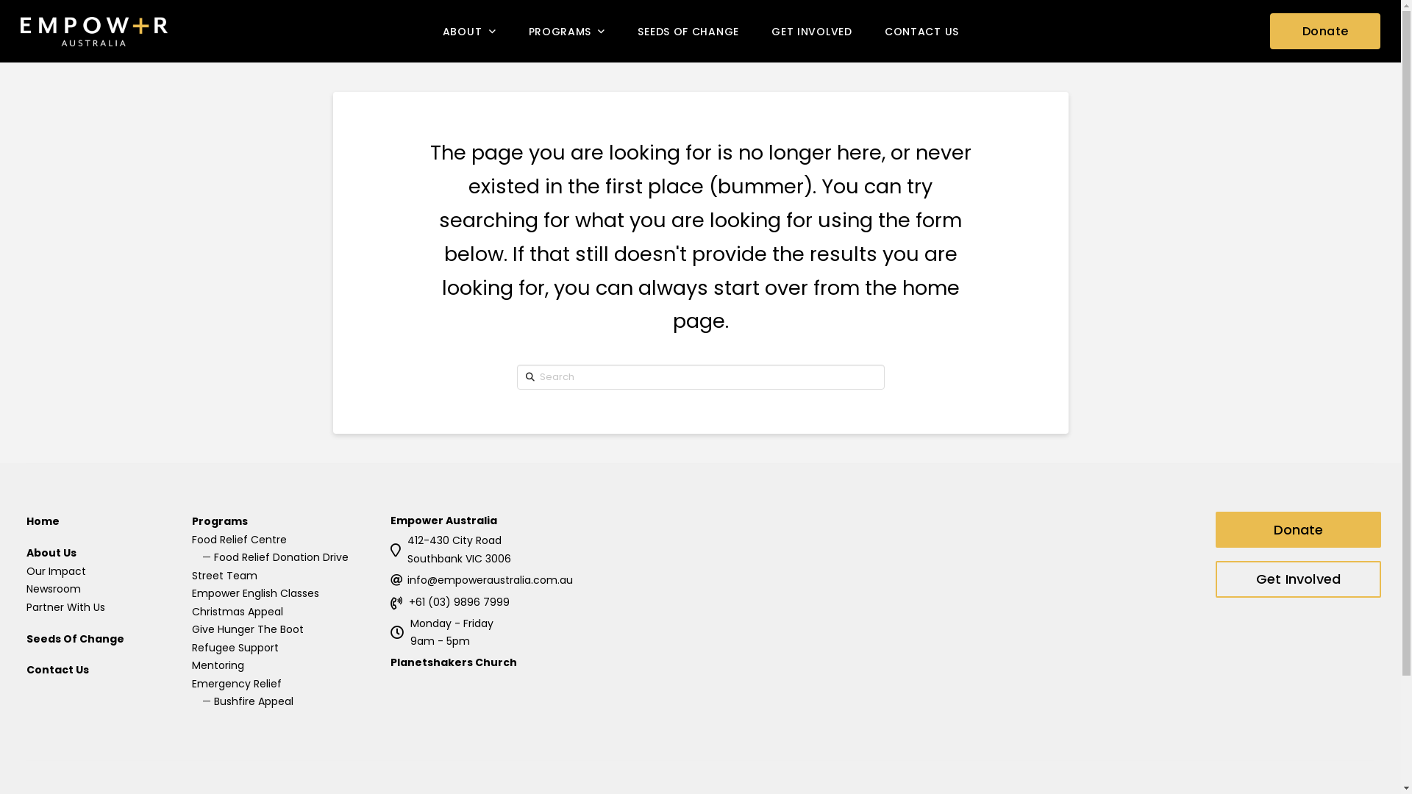  I want to click on 'Our Impact', so click(56, 570).